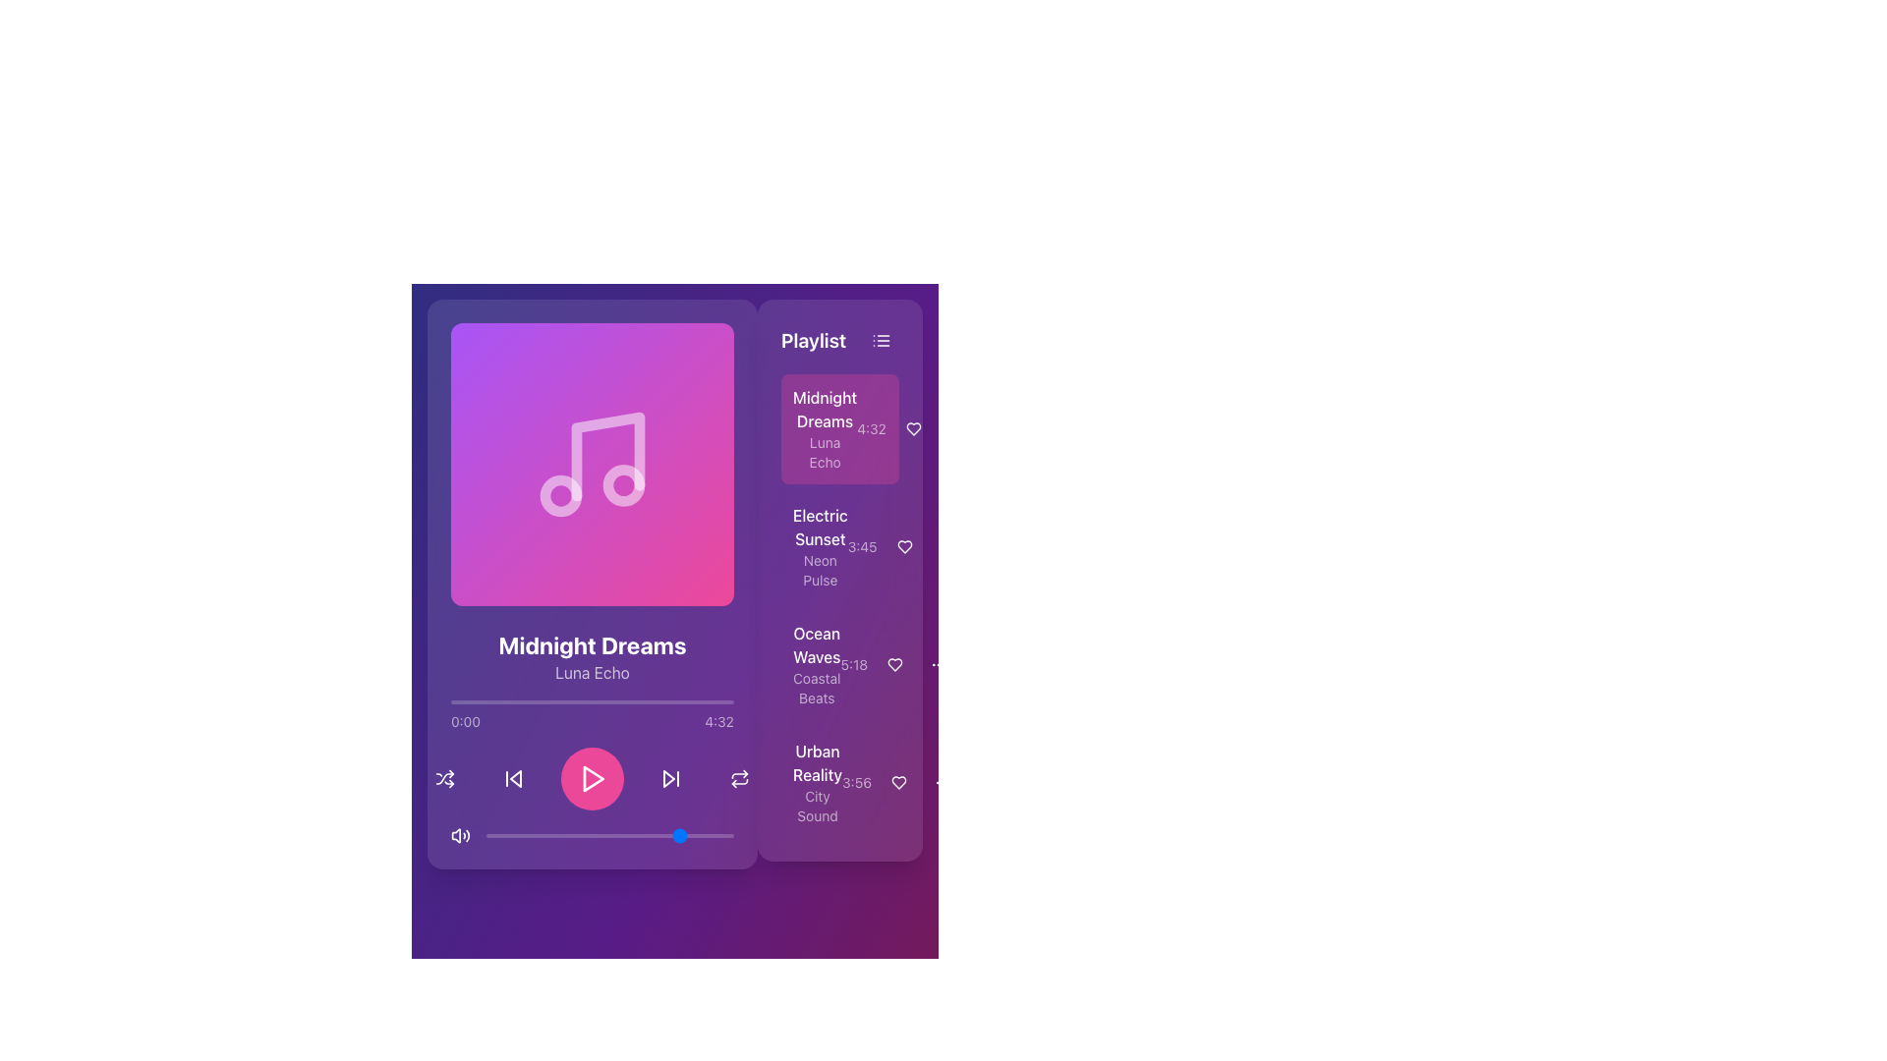 This screenshot has width=1887, height=1061. Describe the element at coordinates (814, 340) in the screenshot. I see `the static text label 'Playlist' which is styled with a large, bold font and positioned at the upper part of a vertical playlist section on the right side of the interface` at that location.